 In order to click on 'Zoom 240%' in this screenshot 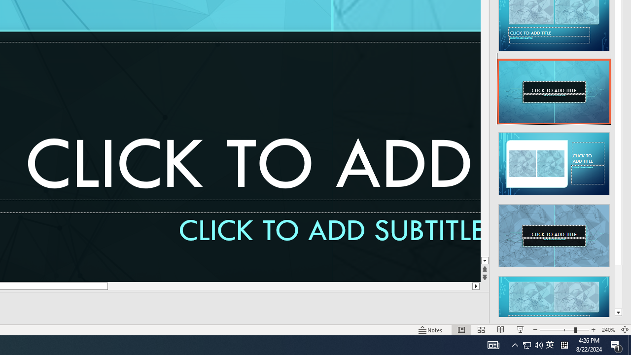, I will do `click(608, 330)`.